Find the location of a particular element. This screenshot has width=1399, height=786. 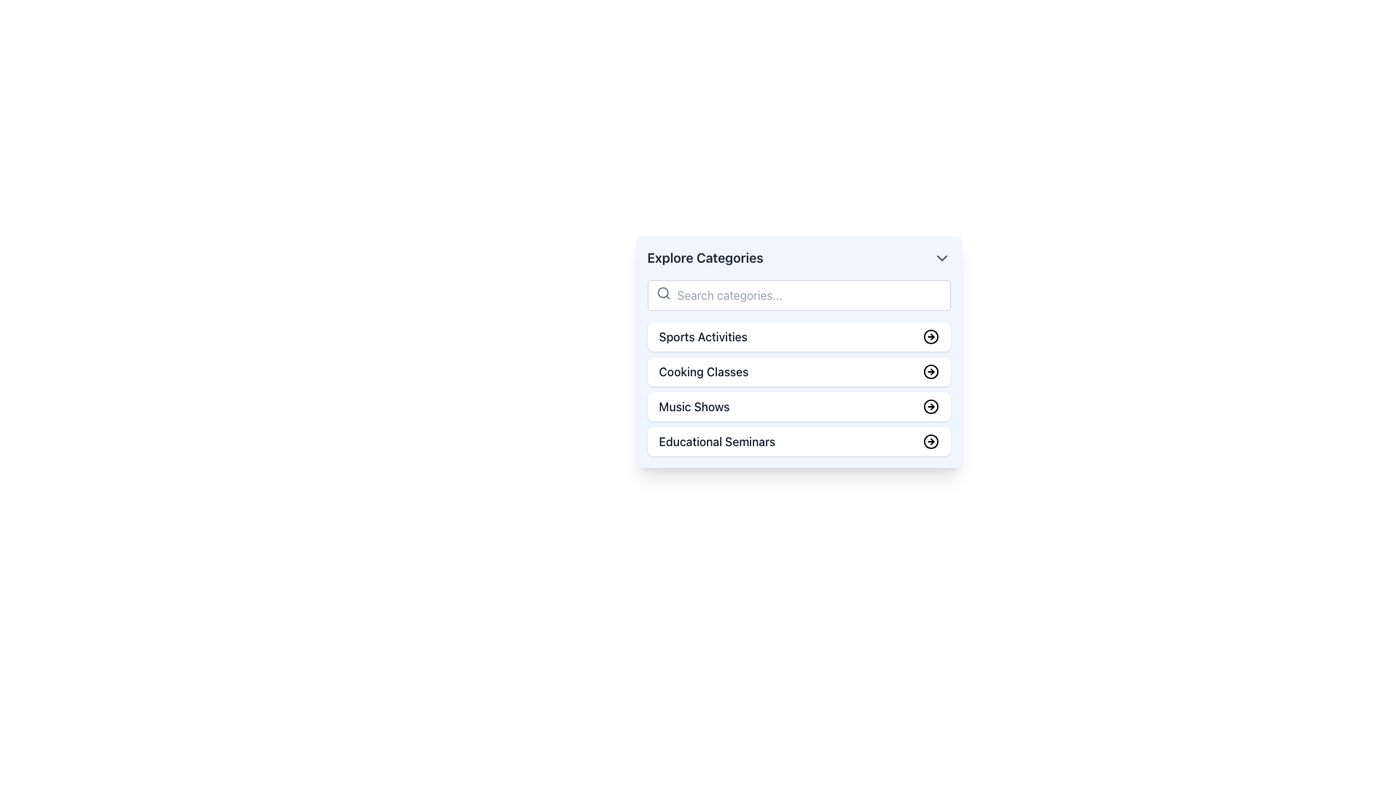

the search bar located in the 'Explore Categories' section, which allows users to input keywords for filtering or searching is located at coordinates (798, 295).